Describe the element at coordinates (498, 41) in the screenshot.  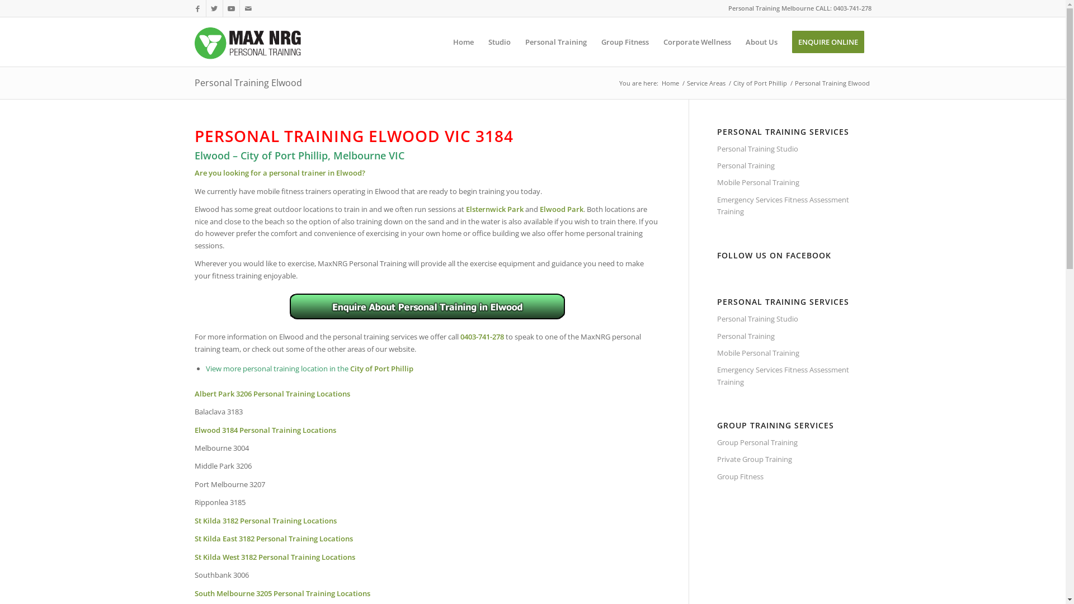
I see `'Studio'` at that location.